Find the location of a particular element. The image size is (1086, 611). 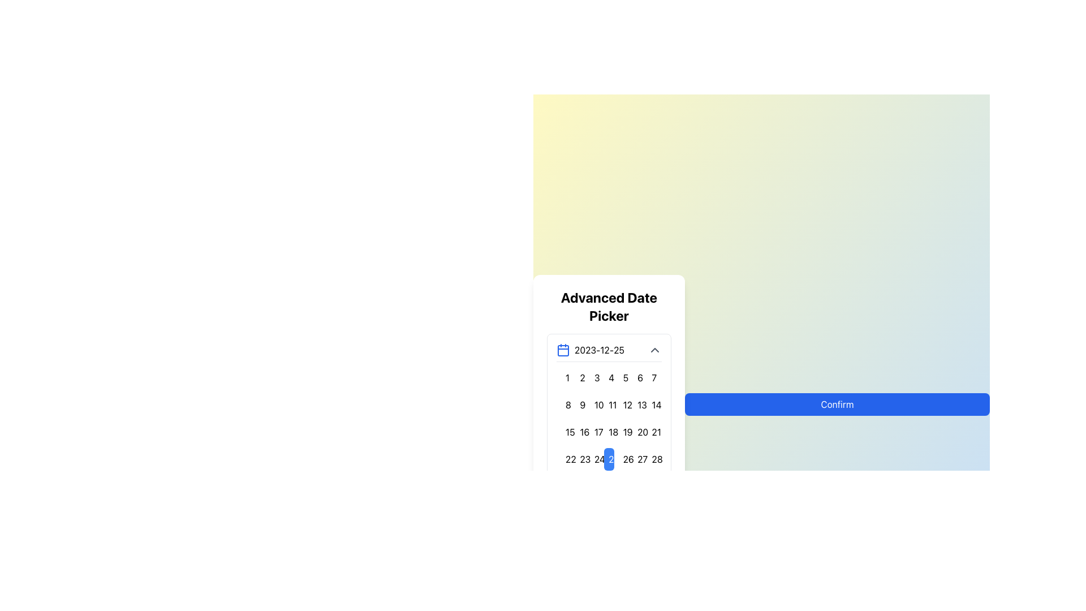

the button displaying the number '27' in a date picker is located at coordinates (637, 459).